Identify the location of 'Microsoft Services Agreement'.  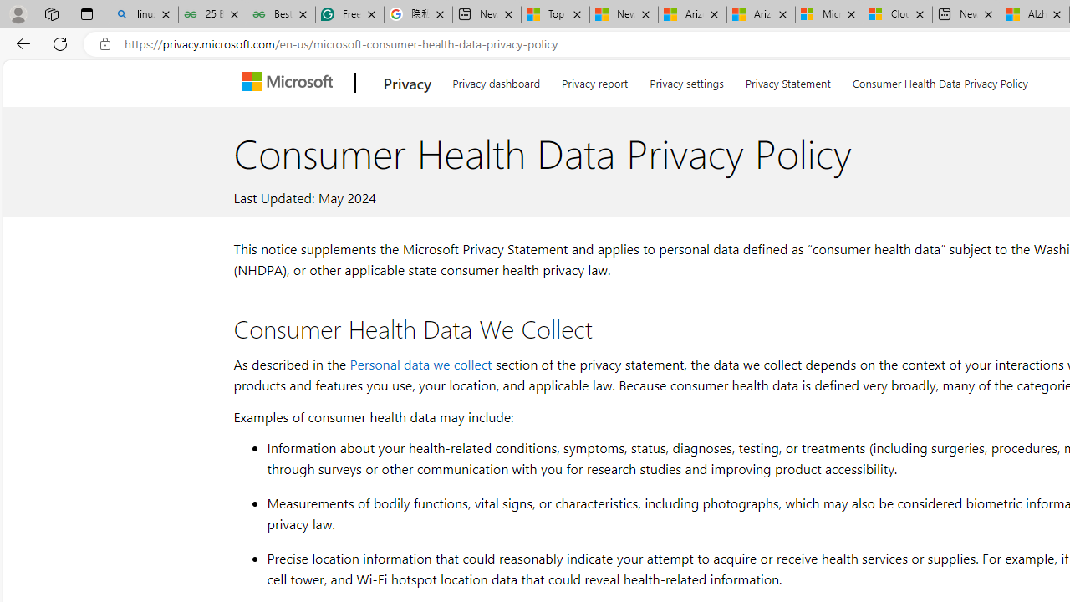
(829, 14).